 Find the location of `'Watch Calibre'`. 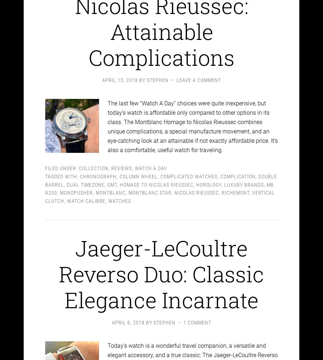

'Watch Calibre' is located at coordinates (86, 195).